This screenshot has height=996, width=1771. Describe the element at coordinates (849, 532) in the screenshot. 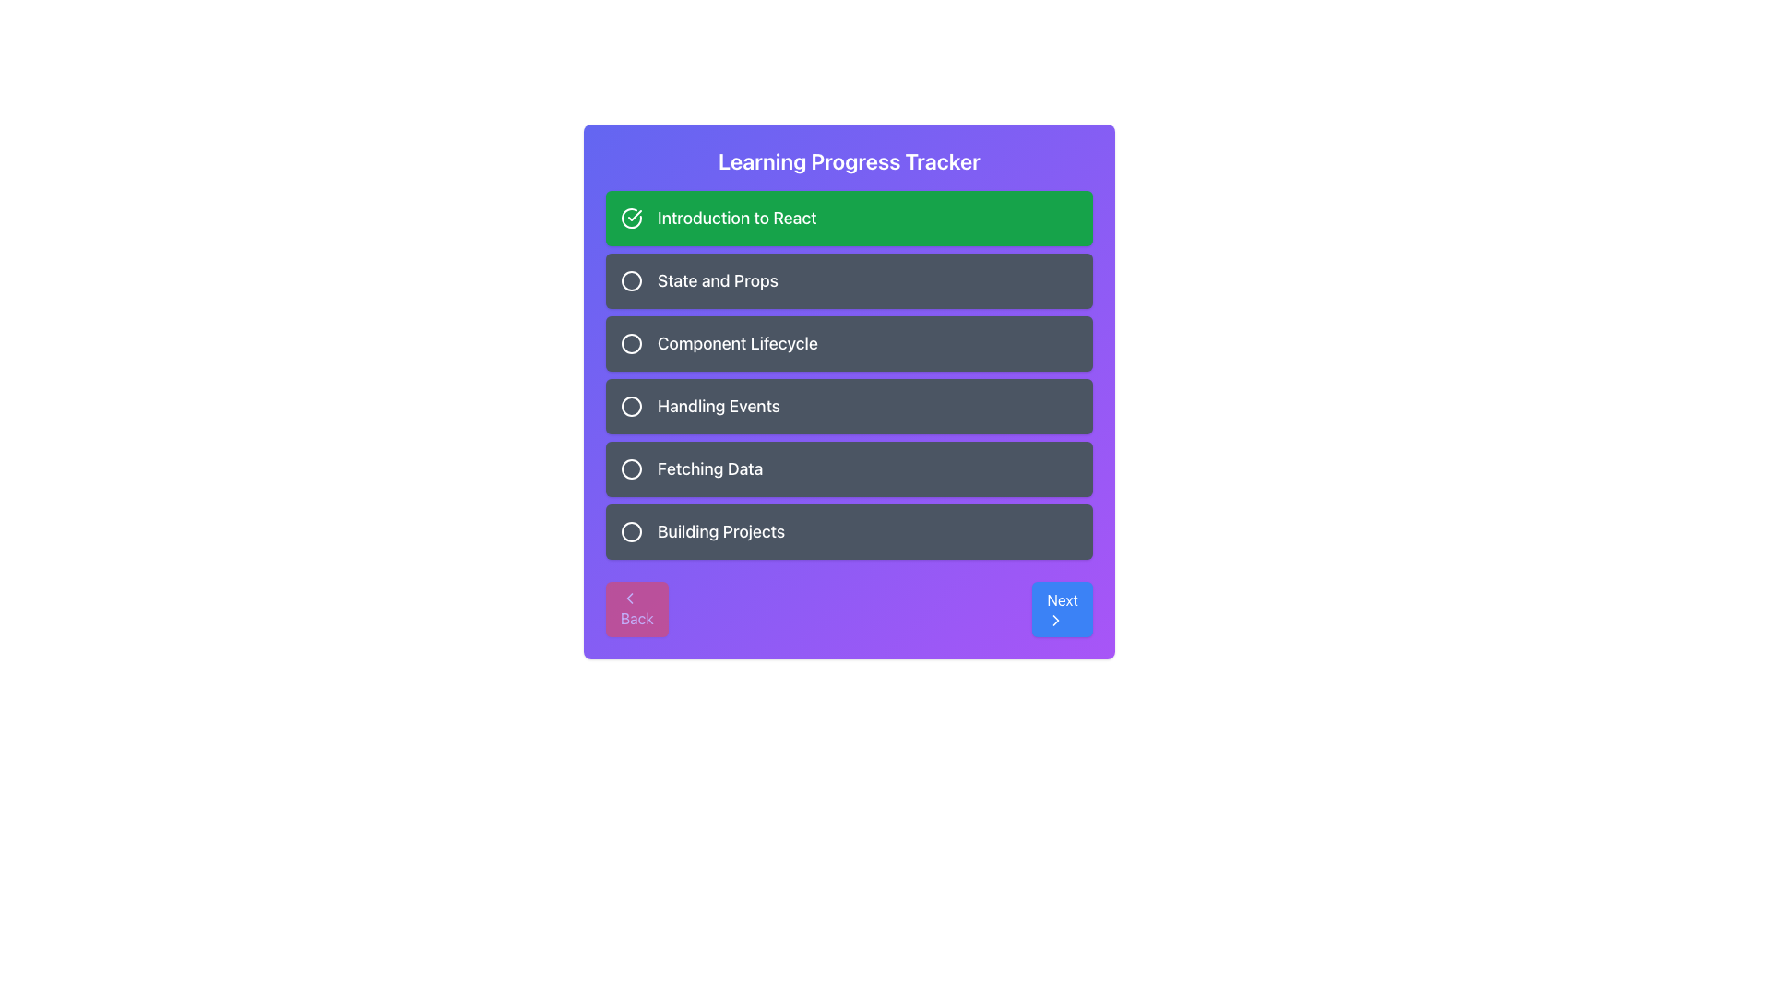

I see `the sixth list item in the Learning Progress Tracker interface` at that location.